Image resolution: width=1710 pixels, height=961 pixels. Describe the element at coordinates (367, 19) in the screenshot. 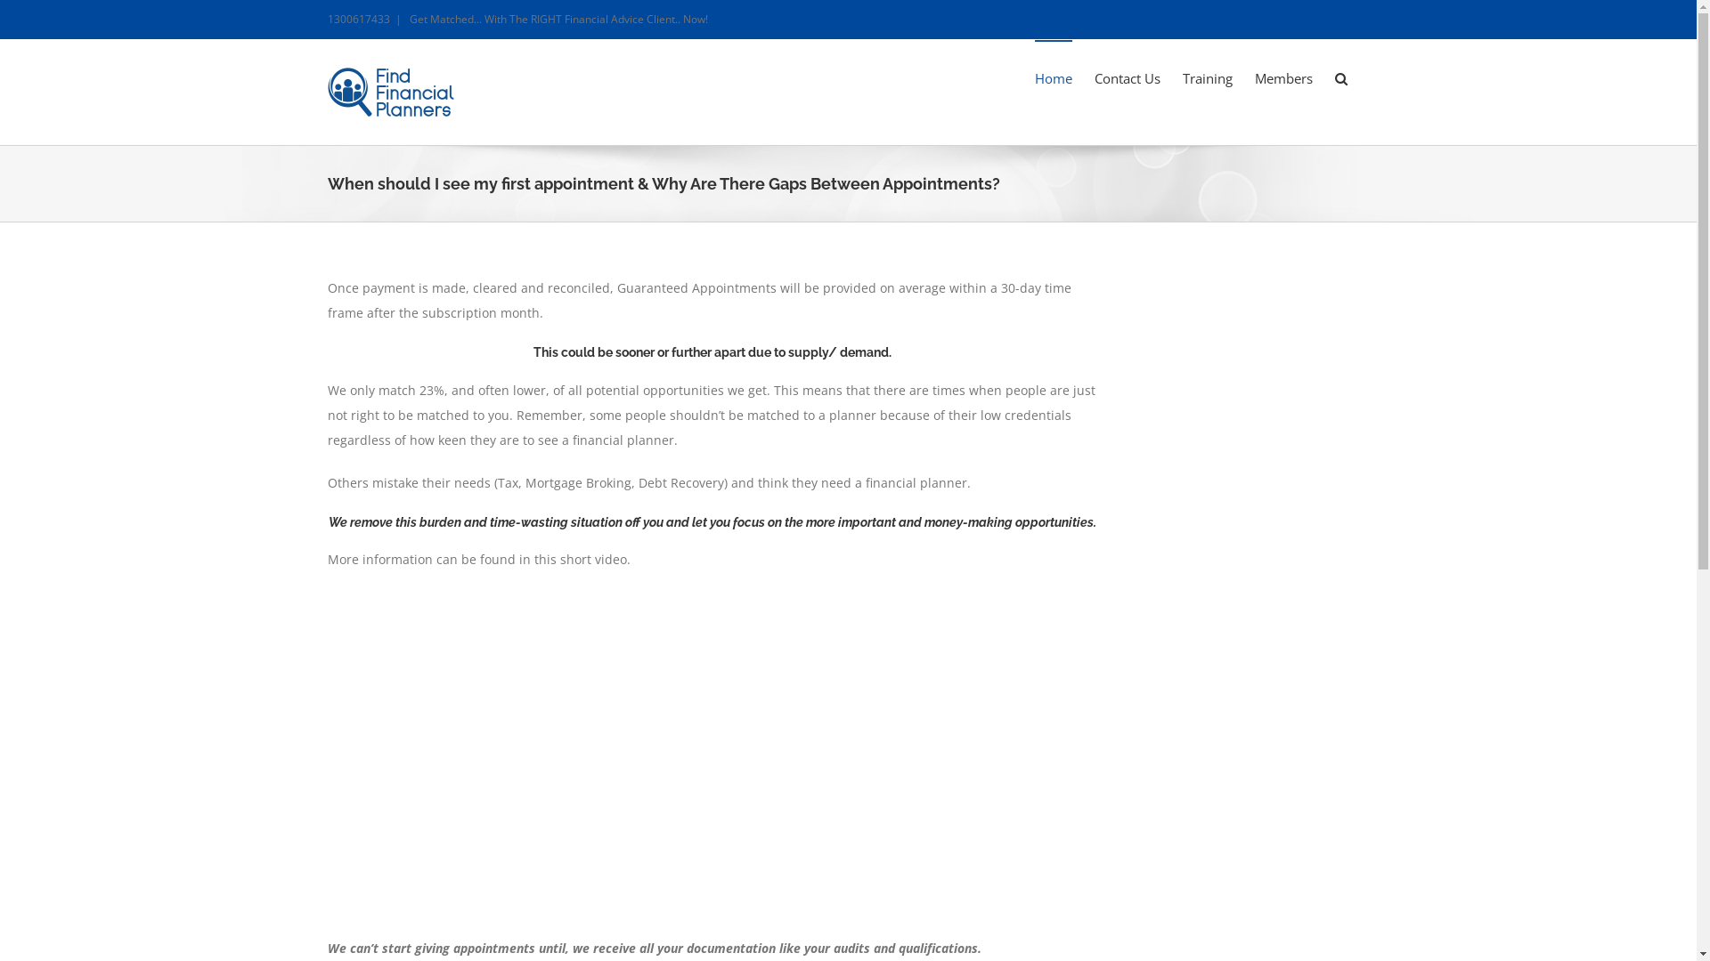

I see `'1300617433  |   '` at that location.